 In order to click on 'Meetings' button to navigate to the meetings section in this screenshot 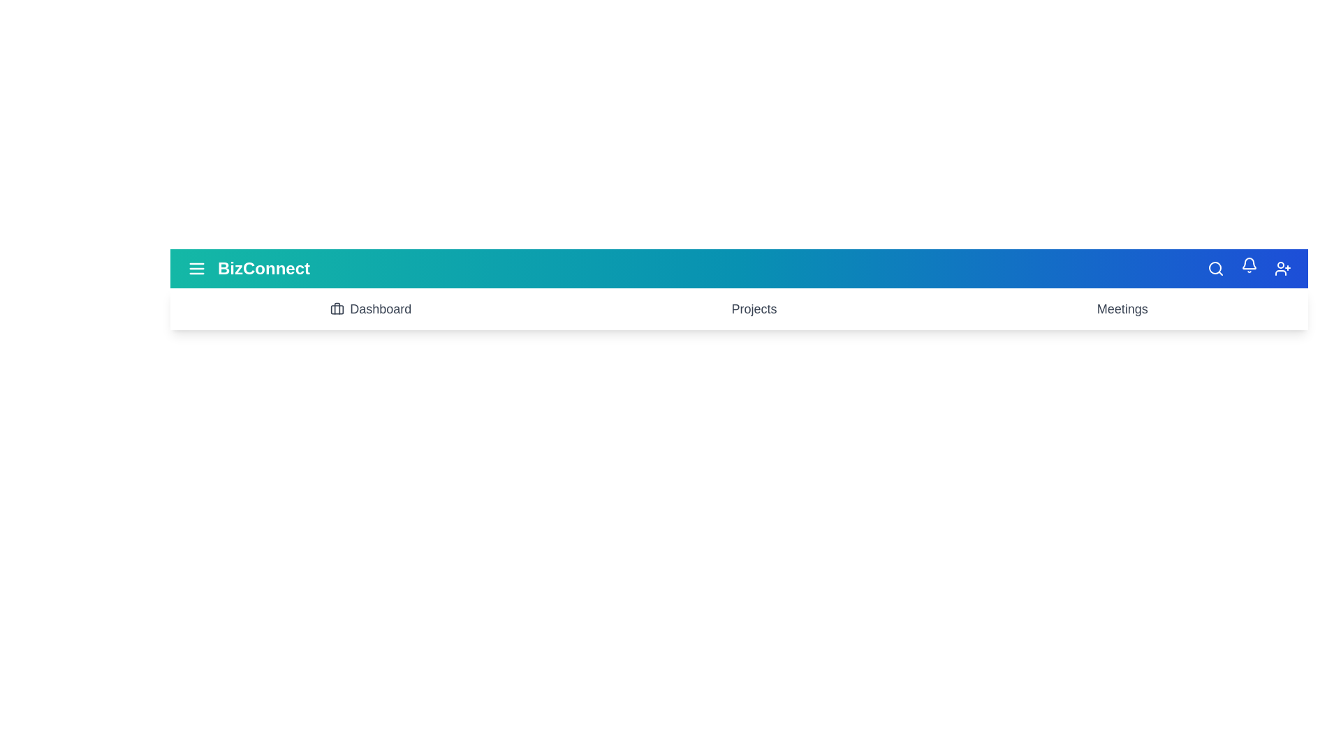, I will do `click(1122, 309)`.